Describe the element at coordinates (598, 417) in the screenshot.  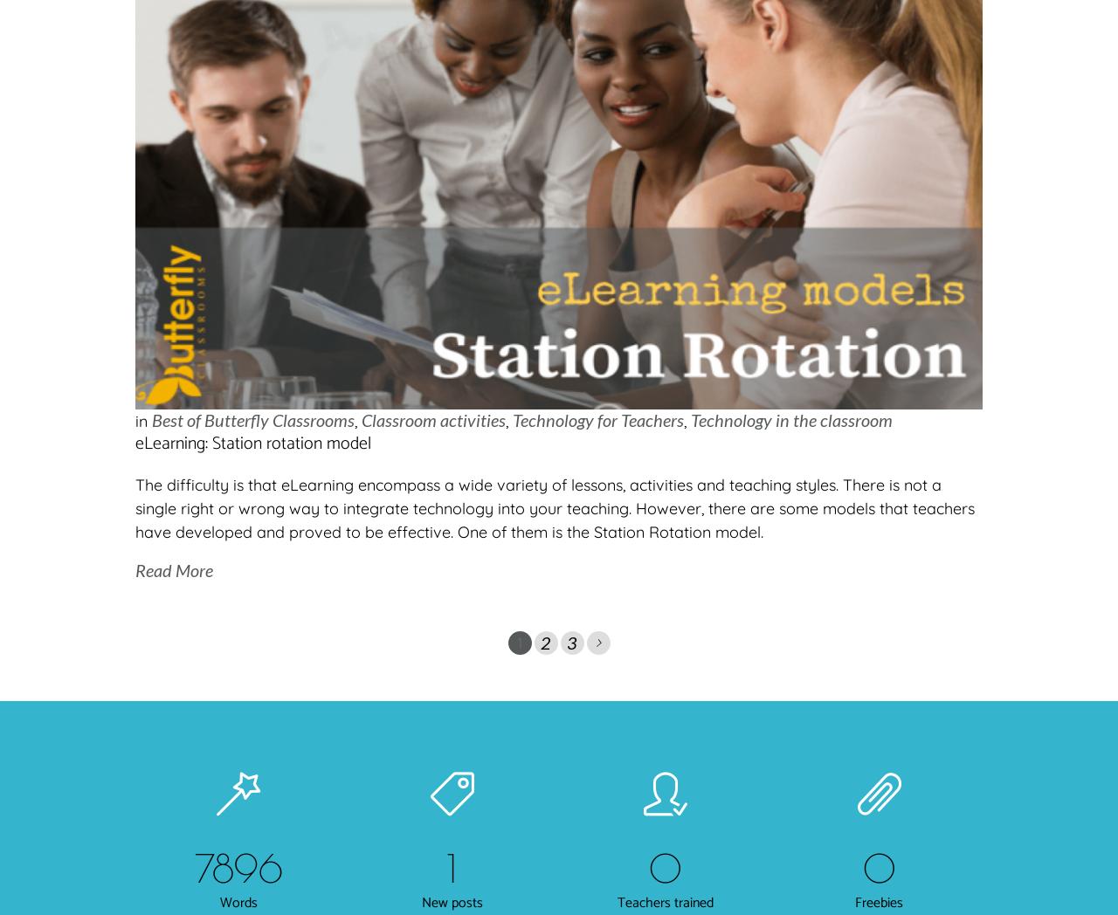
I see `'Technology for Teachers'` at that location.